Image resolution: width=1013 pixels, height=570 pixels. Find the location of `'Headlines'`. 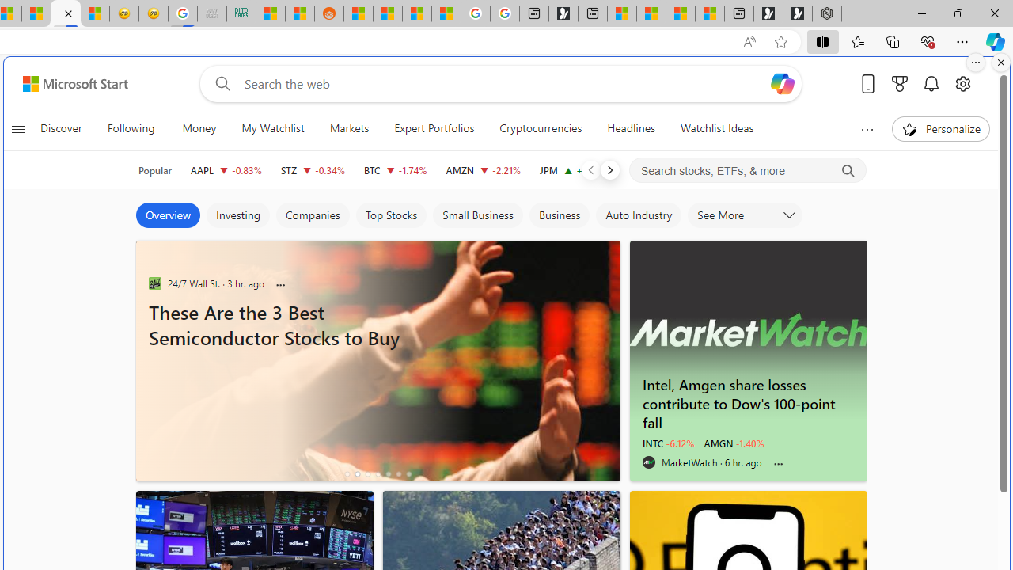

'Headlines' is located at coordinates (630, 128).